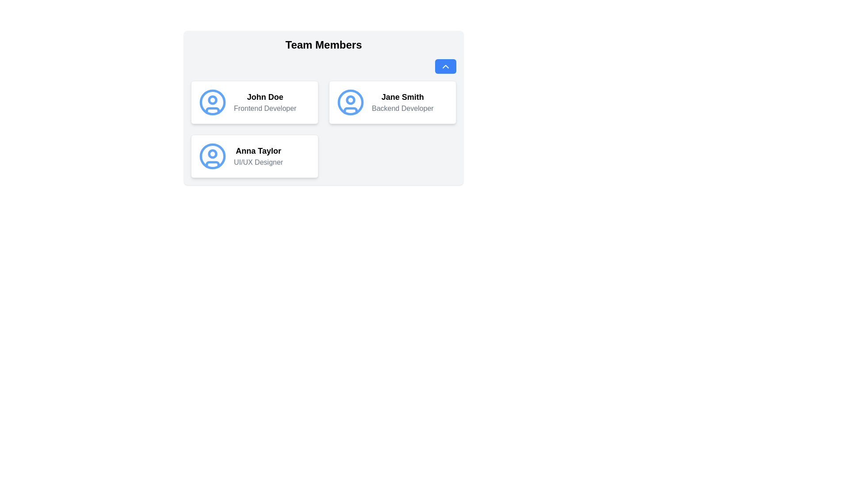 The image size is (849, 477). I want to click on the team member card displaying the name and role of the second team member in the 'Team Members' section, so click(392, 102).